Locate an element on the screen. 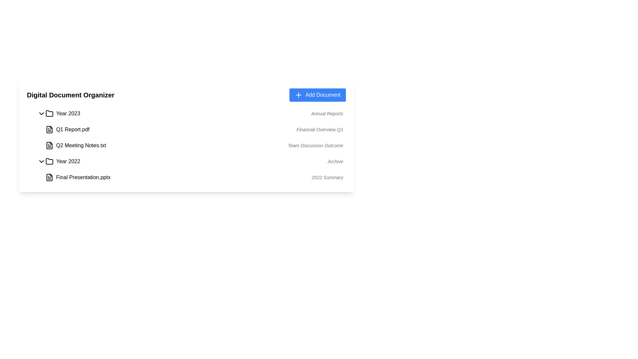 The height and width of the screenshot is (359, 638). the 'Digital Document Organizer' text label, which is a bold black title indicating the section of the interface is located at coordinates (70, 95).